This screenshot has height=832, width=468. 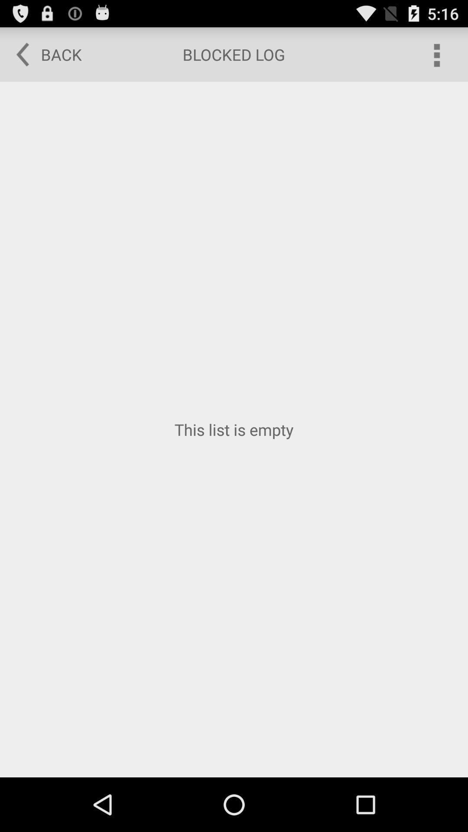 What do you see at coordinates (436, 54) in the screenshot?
I see `the icon at the top right corner` at bounding box center [436, 54].